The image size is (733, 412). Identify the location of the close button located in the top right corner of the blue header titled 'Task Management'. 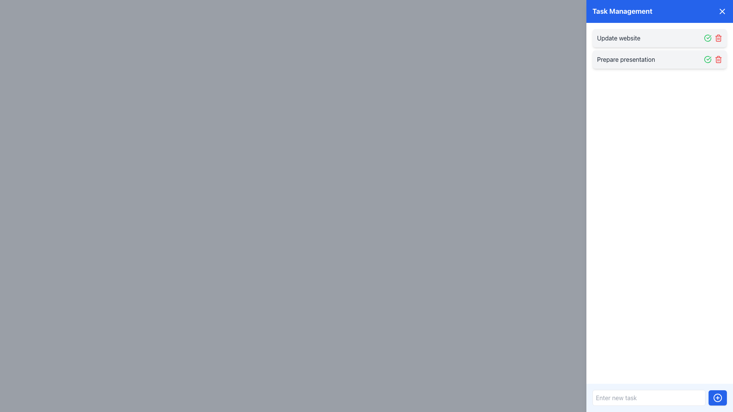
(722, 11).